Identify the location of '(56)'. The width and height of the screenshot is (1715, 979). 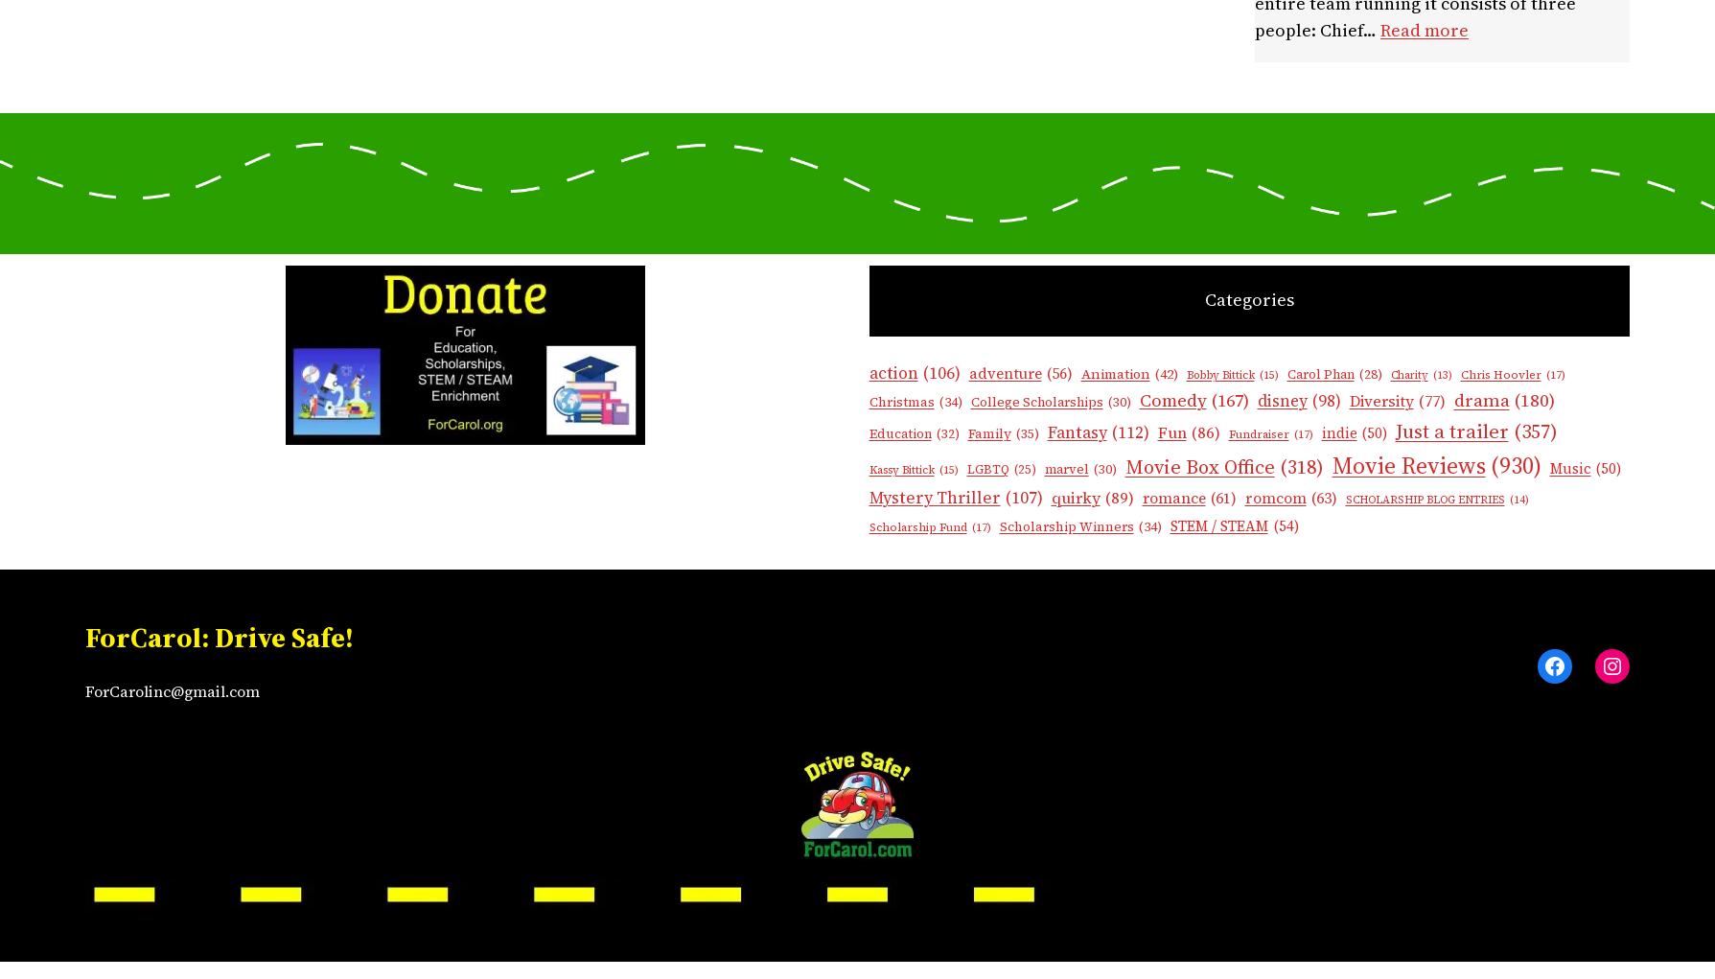
(1057, 372).